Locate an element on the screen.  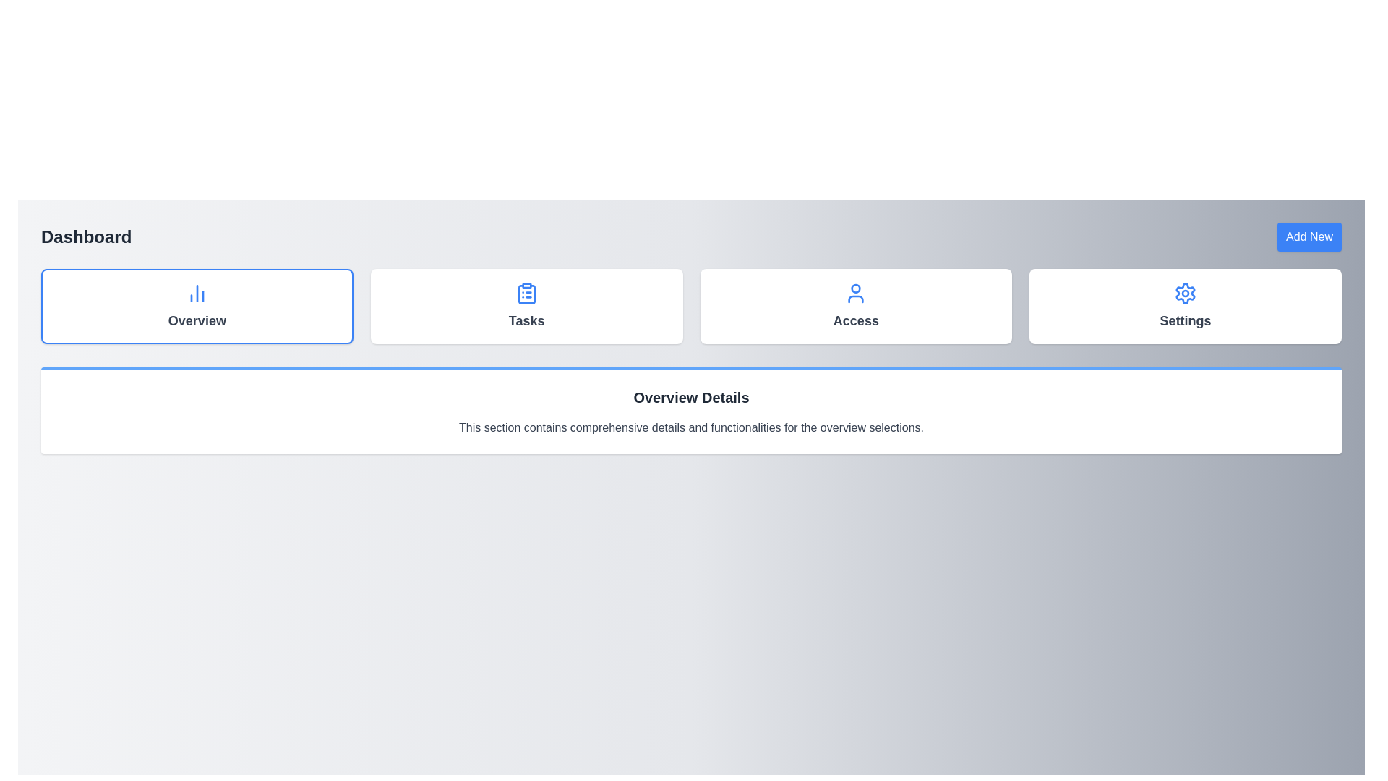
the blue vertical bar chart icon located above the 'Overview' text in the first card of the UI layout is located at coordinates (196, 293).